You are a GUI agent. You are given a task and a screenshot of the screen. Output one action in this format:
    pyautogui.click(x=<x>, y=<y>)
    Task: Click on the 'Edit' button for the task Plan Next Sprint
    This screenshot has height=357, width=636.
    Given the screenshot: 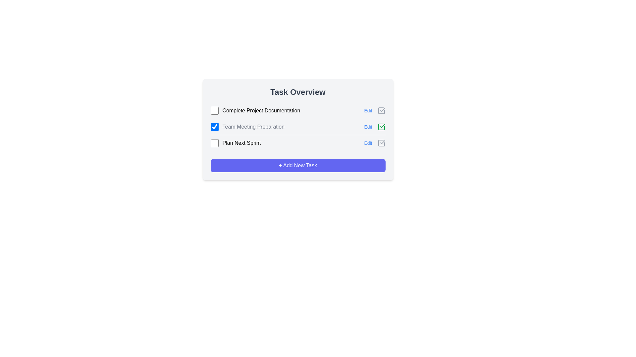 What is the action you would take?
    pyautogui.click(x=368, y=142)
    